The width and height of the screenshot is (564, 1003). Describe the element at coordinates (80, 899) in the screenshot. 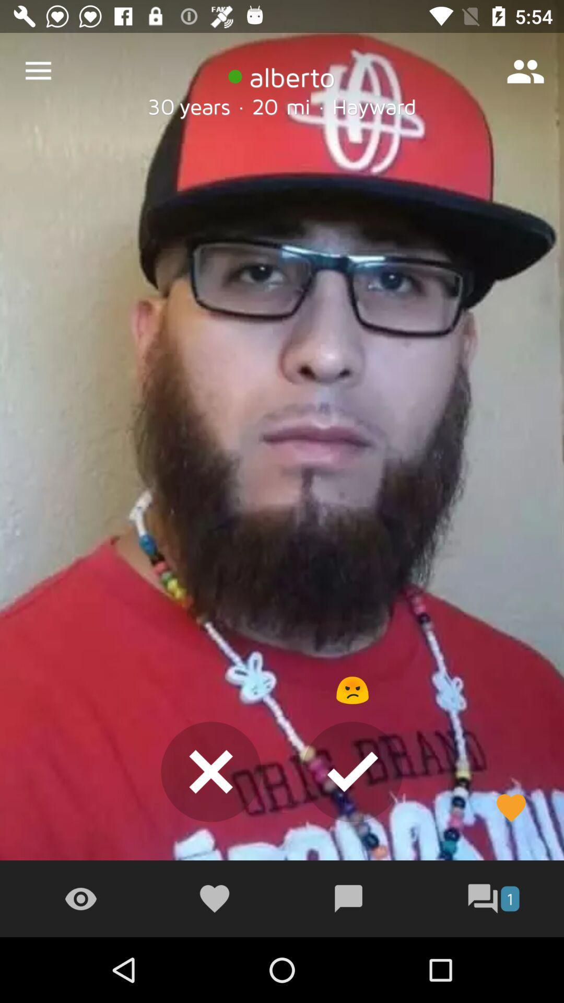

I see `tap the show icon just to the left of heart icon at the bottom` at that location.